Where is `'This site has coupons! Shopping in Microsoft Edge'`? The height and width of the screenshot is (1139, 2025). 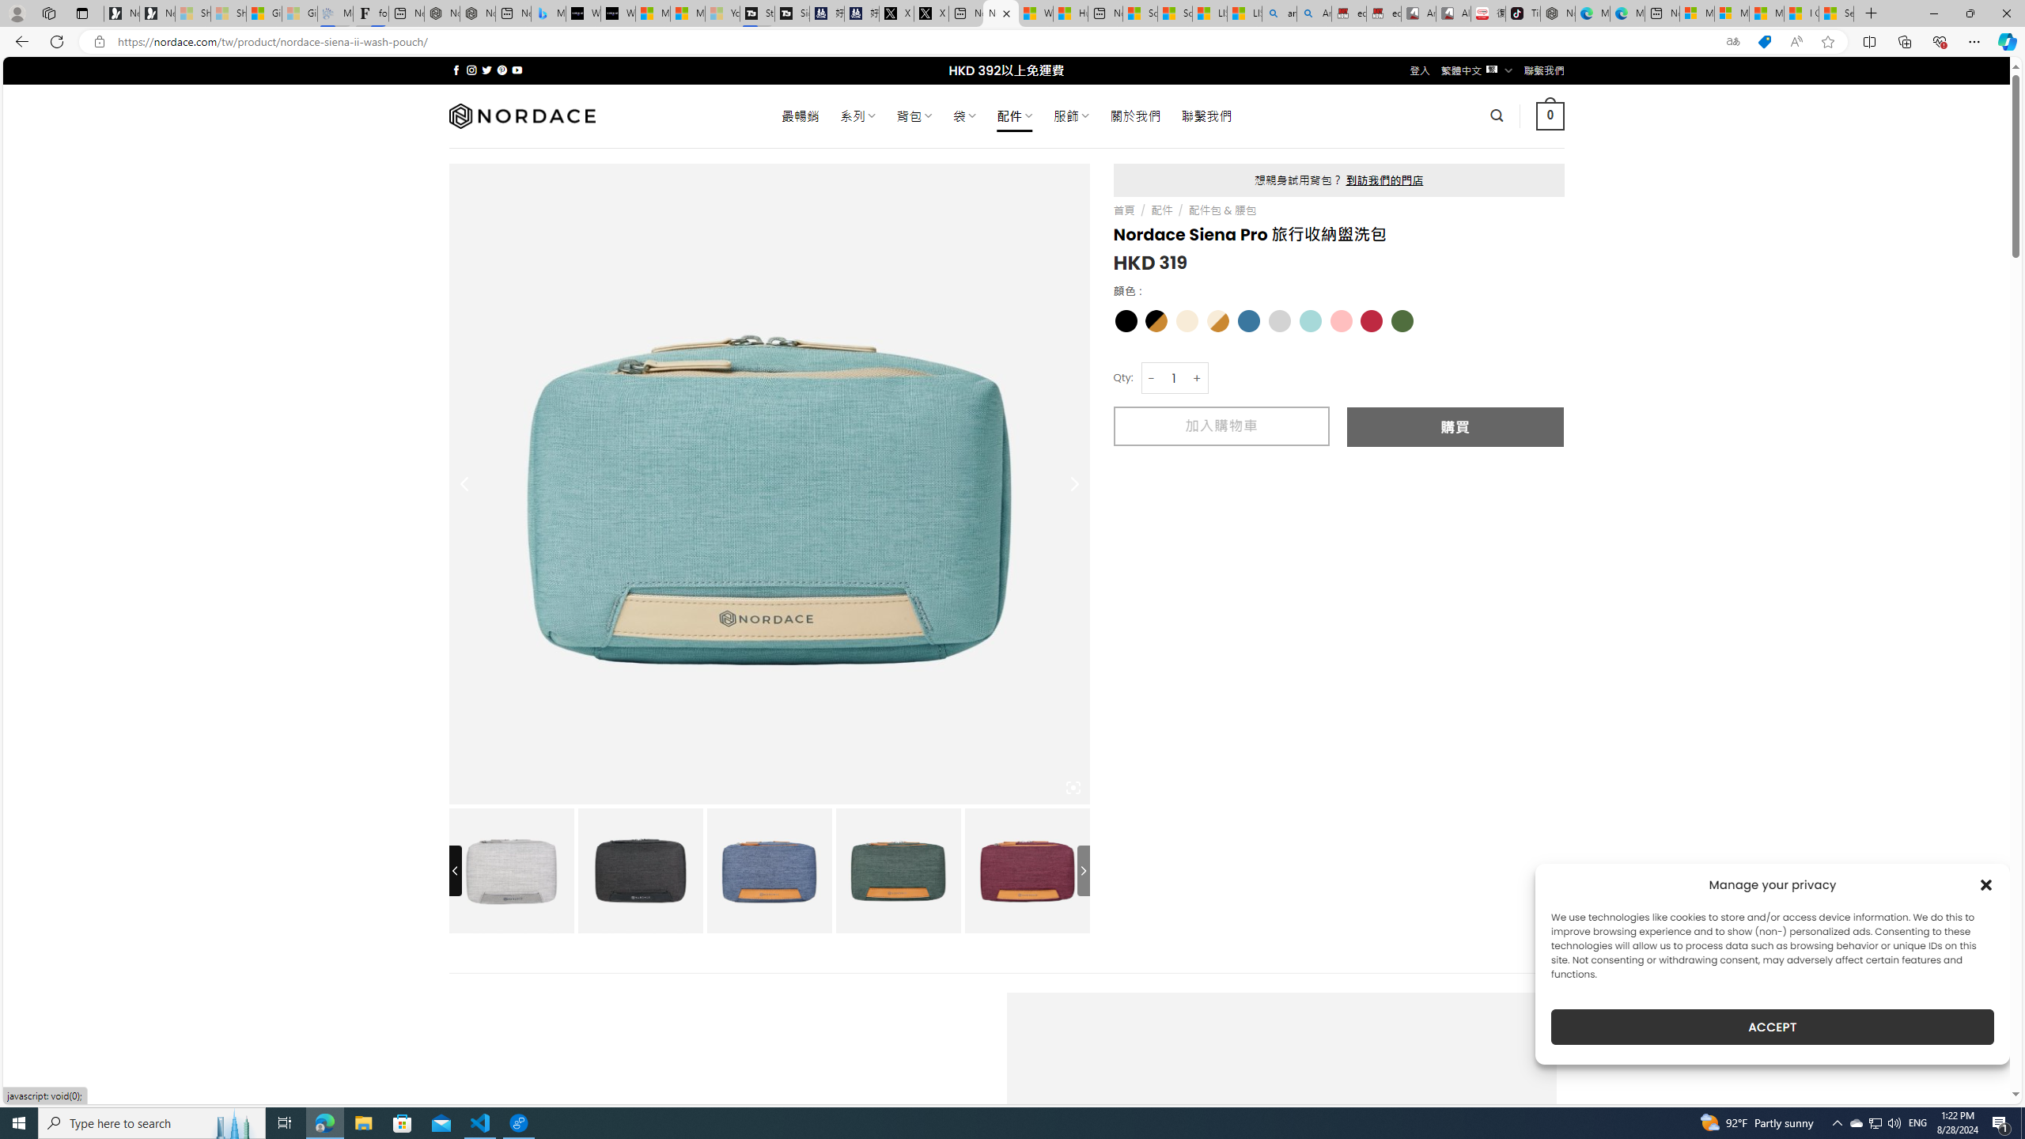 'This site has coupons! Shopping in Microsoft Edge' is located at coordinates (1764, 42).